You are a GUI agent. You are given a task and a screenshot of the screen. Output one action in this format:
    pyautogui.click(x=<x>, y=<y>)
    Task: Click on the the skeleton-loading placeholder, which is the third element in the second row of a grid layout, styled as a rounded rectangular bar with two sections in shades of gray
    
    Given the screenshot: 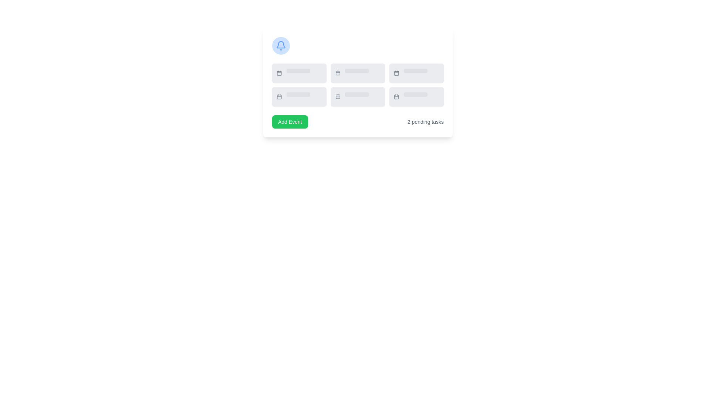 What is the action you would take?
    pyautogui.click(x=422, y=73)
    